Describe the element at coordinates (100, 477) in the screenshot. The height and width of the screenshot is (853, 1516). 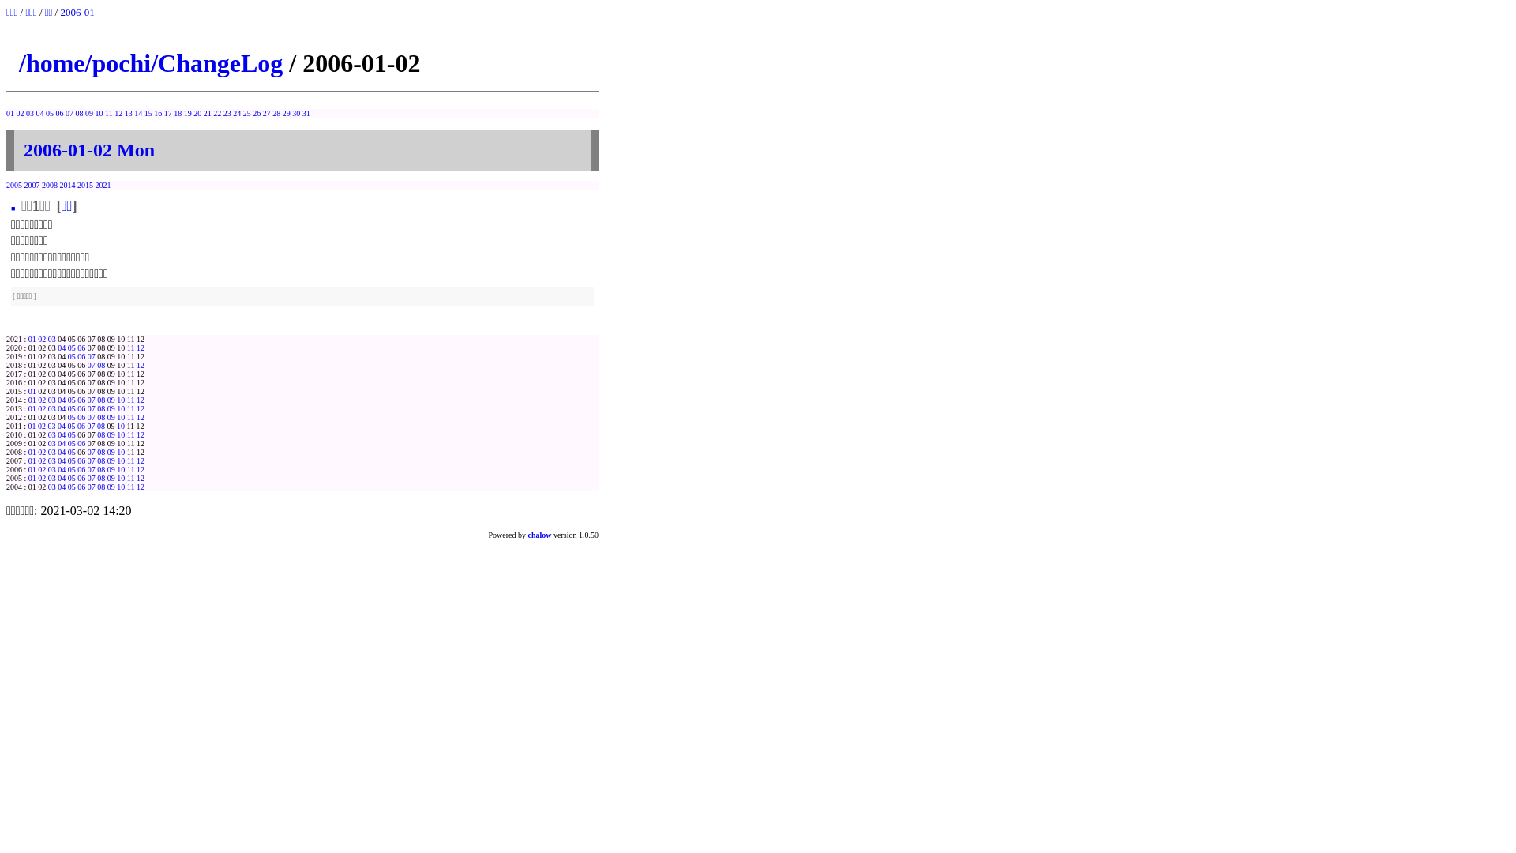
I see `'08'` at that location.